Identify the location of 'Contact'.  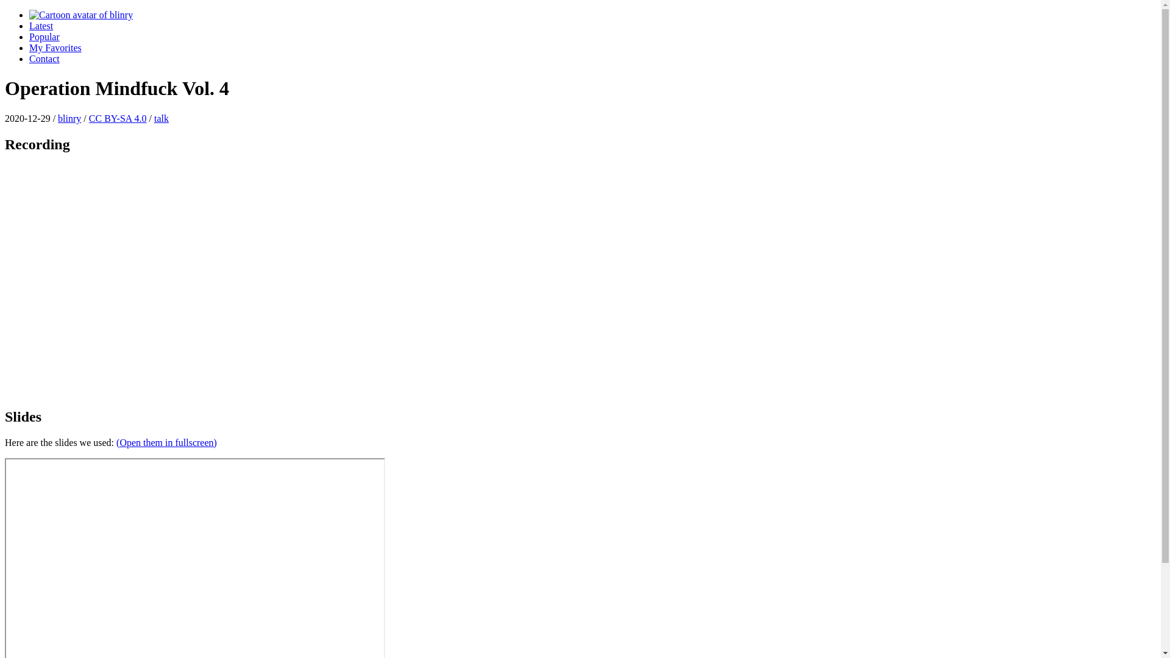
(44, 58).